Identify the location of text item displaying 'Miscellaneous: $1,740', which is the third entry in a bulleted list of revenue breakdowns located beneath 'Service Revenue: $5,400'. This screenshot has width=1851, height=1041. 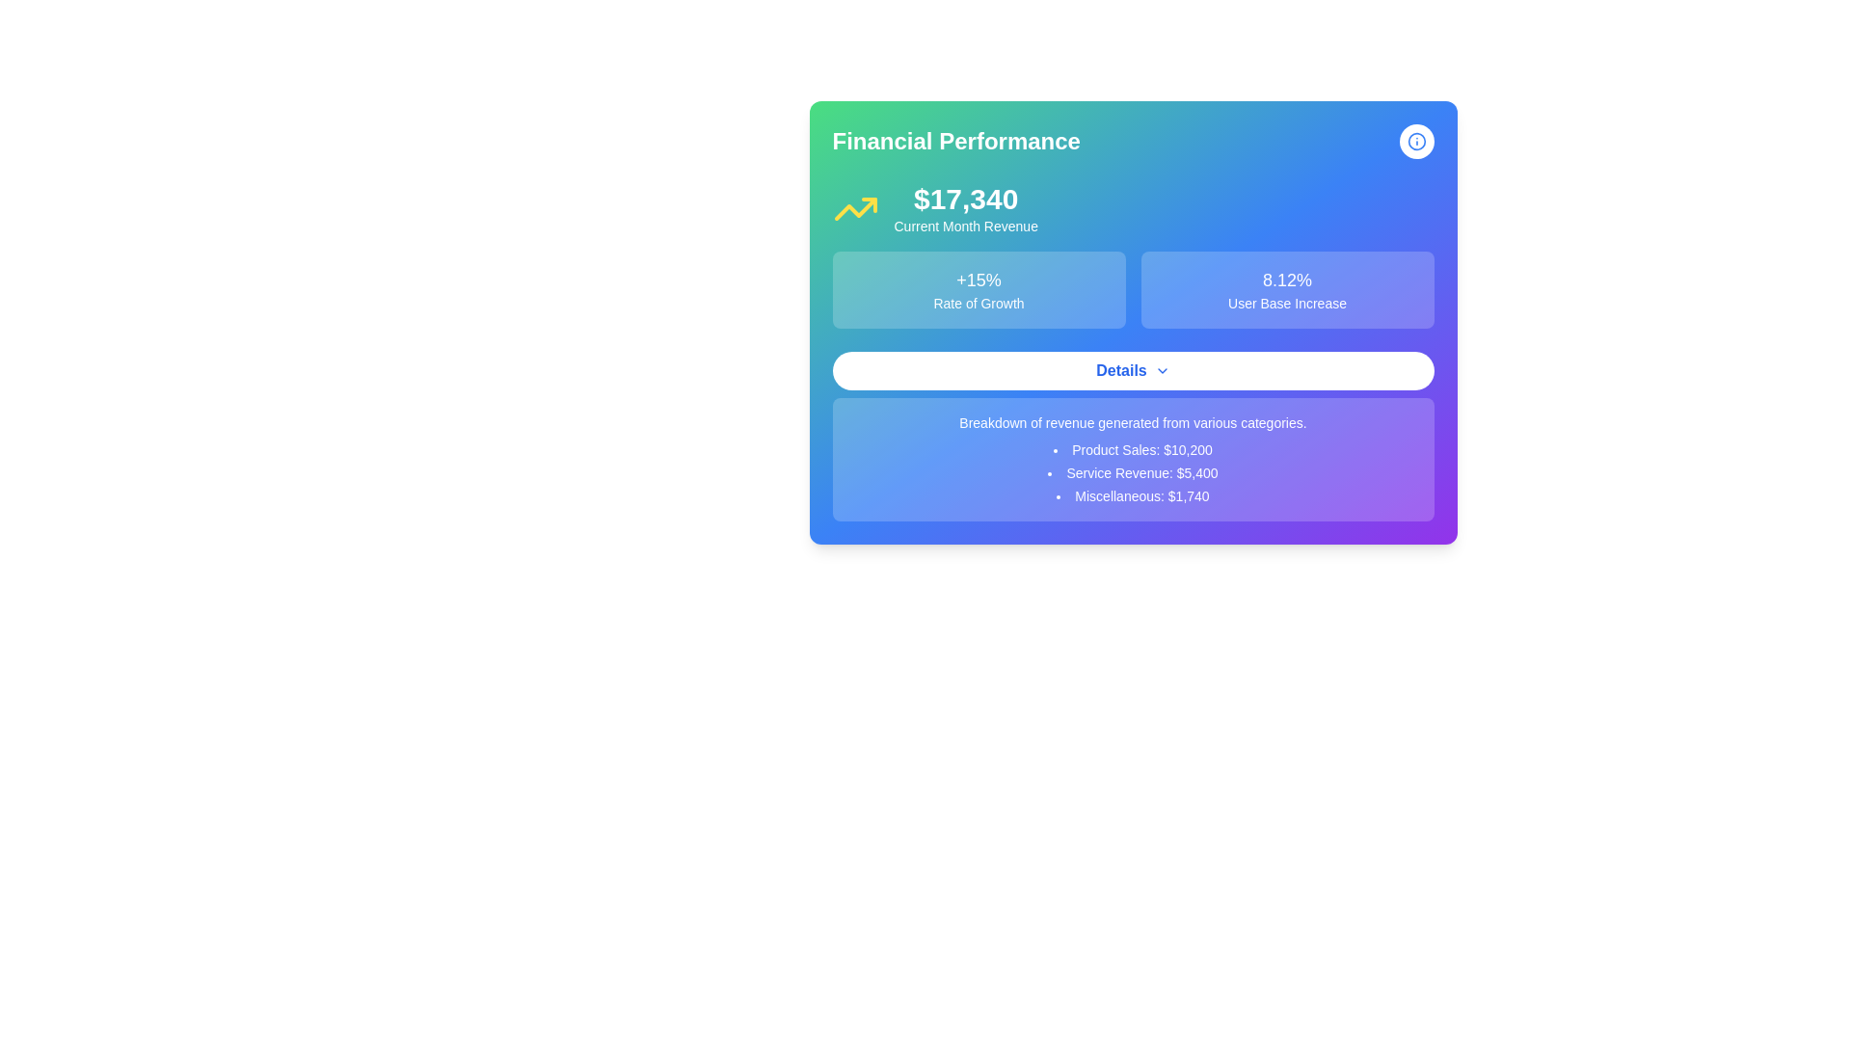
(1133, 495).